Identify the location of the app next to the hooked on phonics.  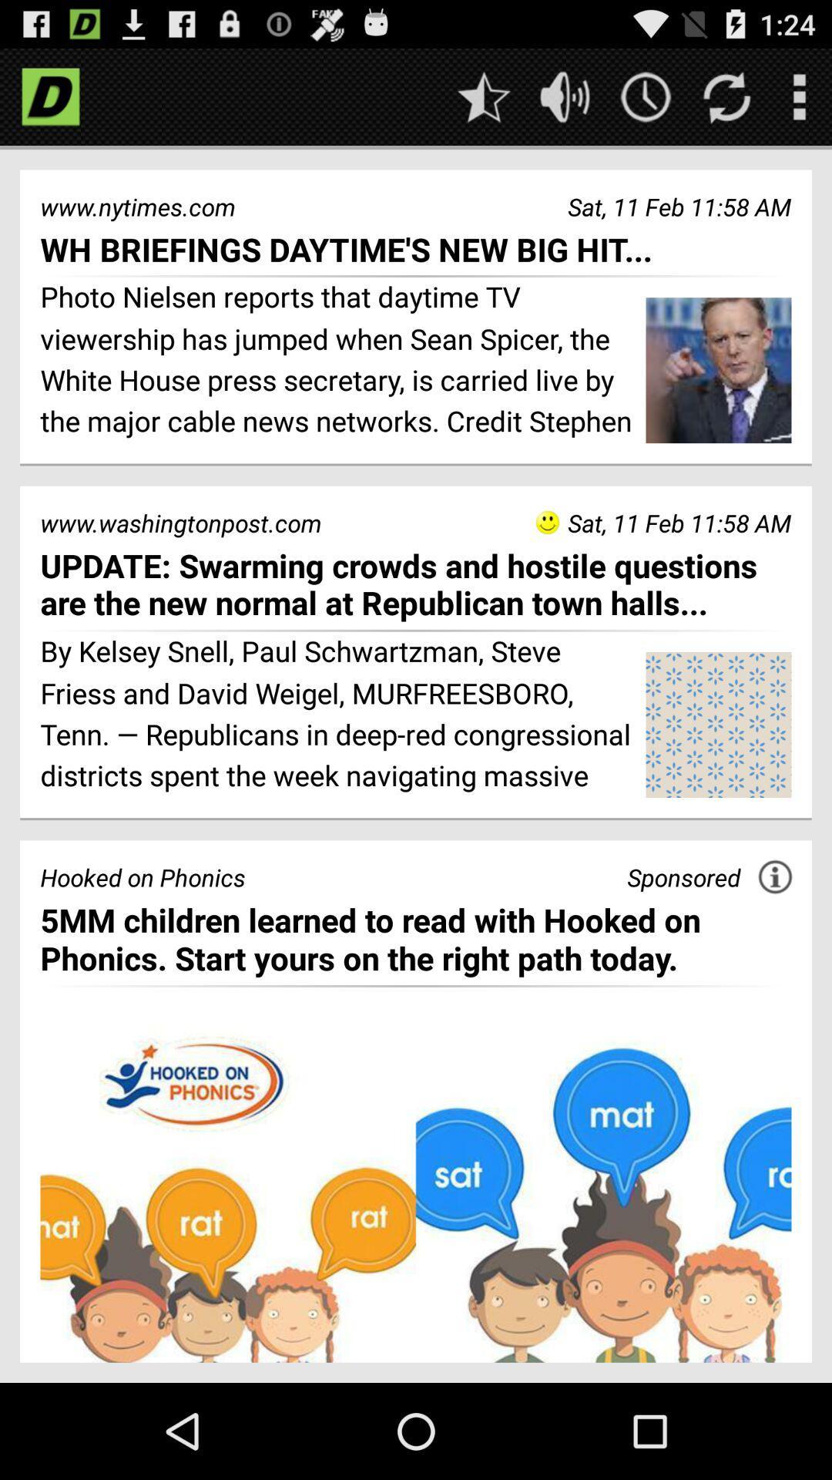
(683, 877).